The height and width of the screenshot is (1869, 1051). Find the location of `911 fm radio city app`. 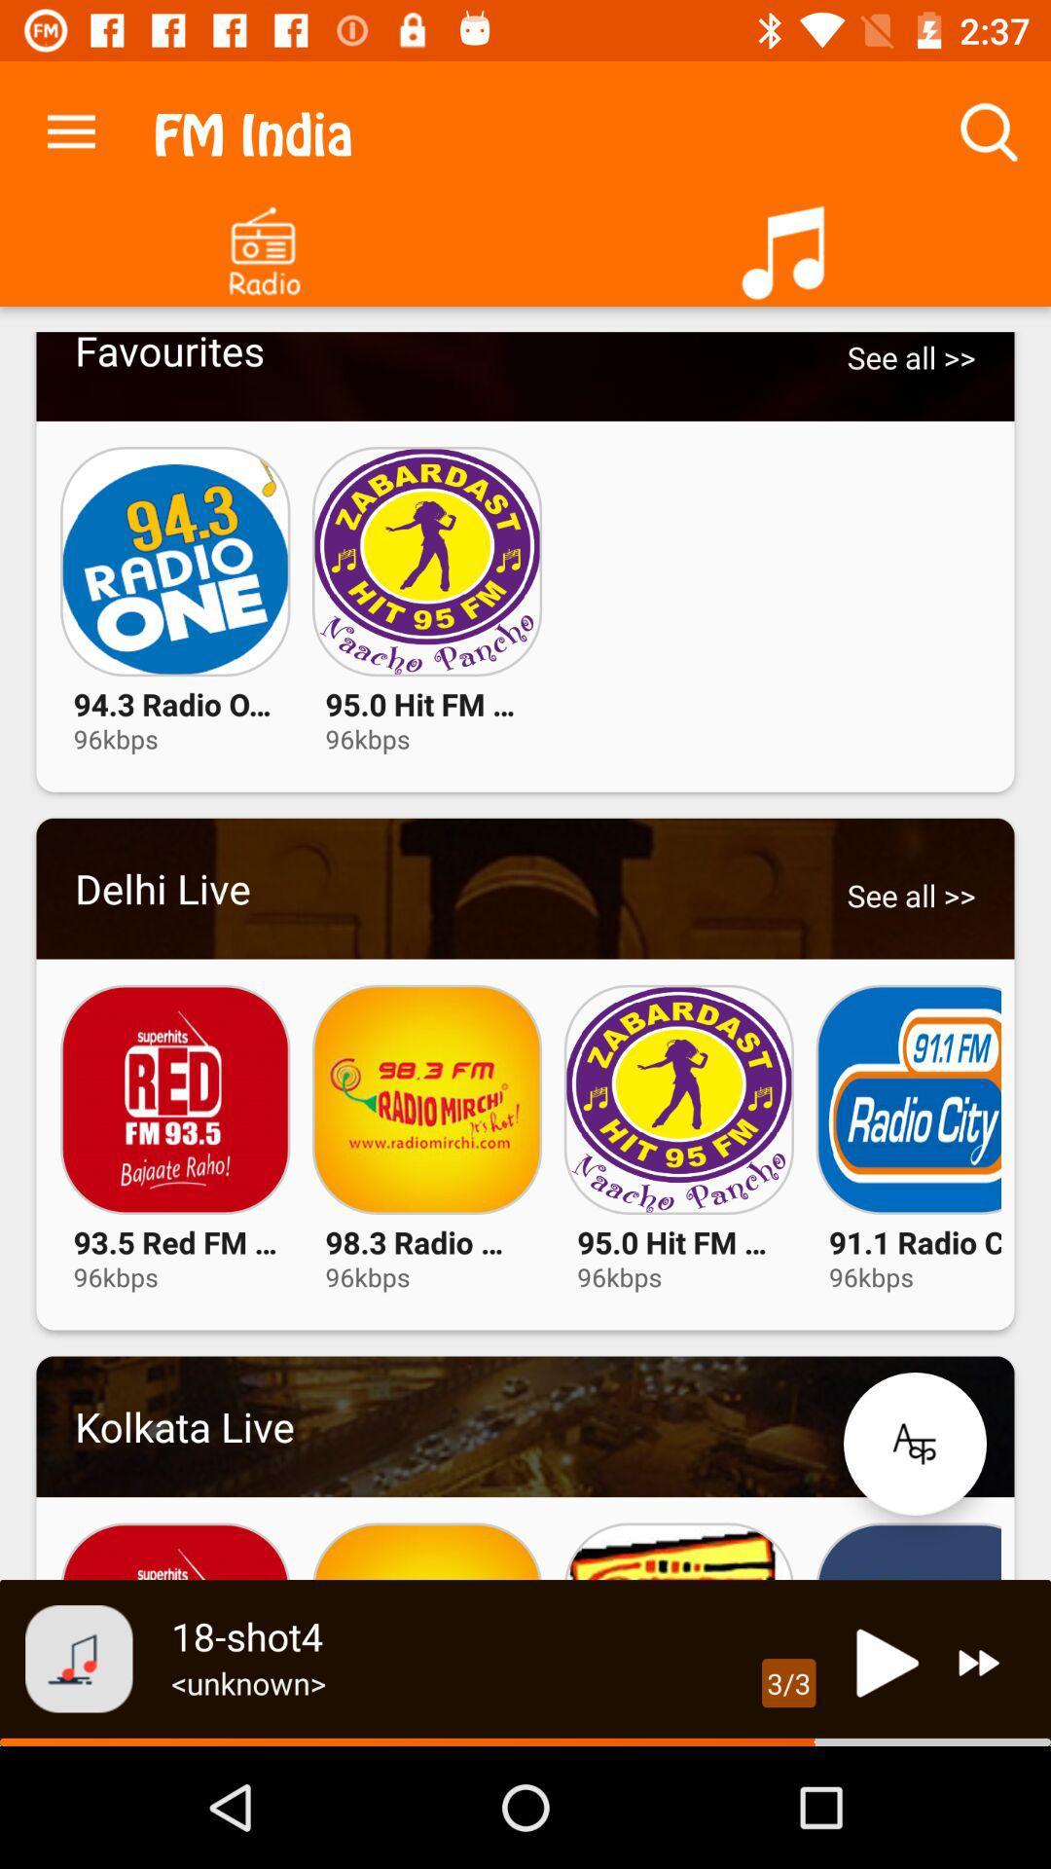

911 fm radio city app is located at coordinates (908, 1099).